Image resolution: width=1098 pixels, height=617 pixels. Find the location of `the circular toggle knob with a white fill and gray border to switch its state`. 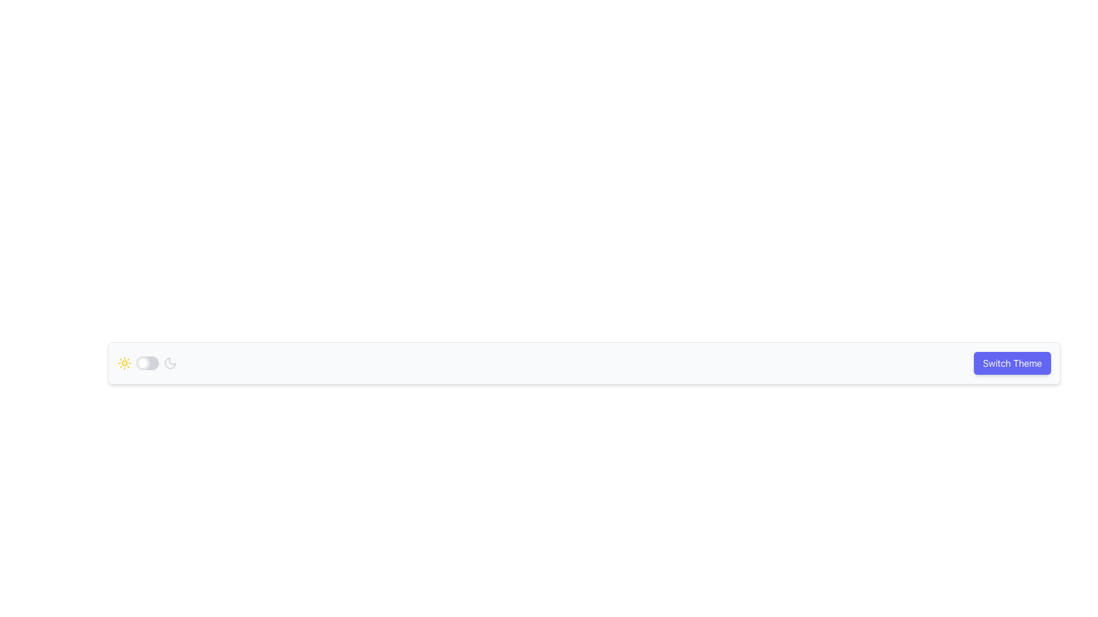

the circular toggle knob with a white fill and gray border to switch its state is located at coordinates (142, 363).